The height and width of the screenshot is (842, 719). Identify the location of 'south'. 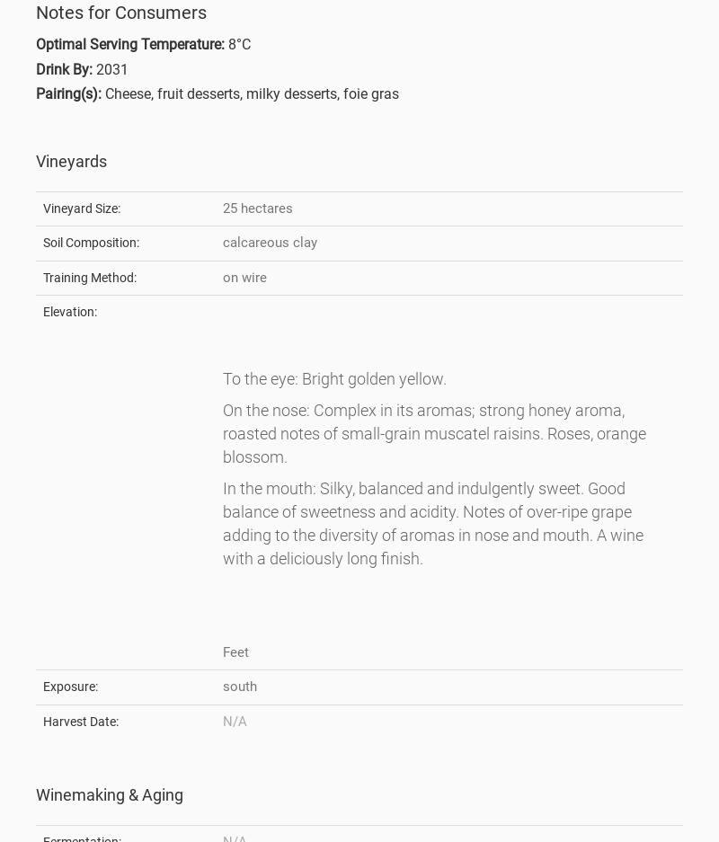
(238, 687).